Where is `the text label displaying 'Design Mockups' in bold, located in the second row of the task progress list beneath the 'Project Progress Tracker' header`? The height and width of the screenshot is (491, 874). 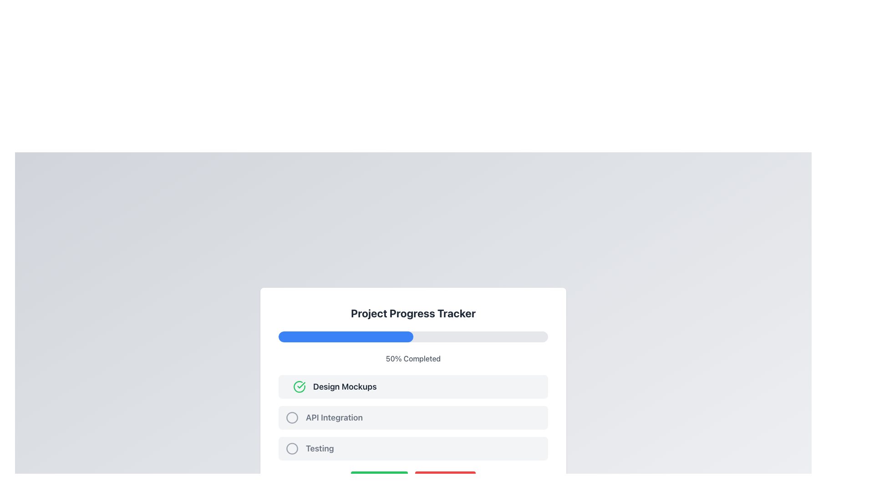 the text label displaying 'Design Mockups' in bold, located in the second row of the task progress list beneath the 'Project Progress Tracker' header is located at coordinates (344, 387).